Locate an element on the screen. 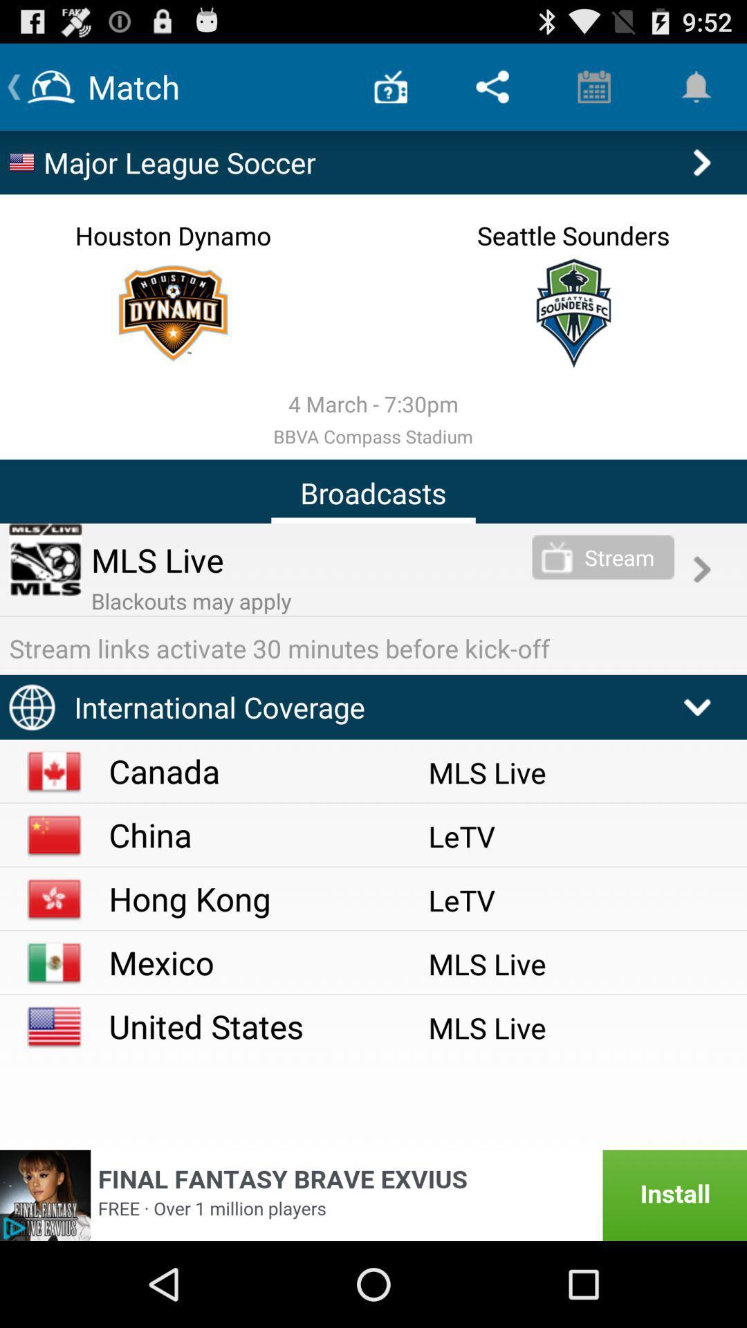 The height and width of the screenshot is (1328, 747). app next to the match item is located at coordinates (391, 86).